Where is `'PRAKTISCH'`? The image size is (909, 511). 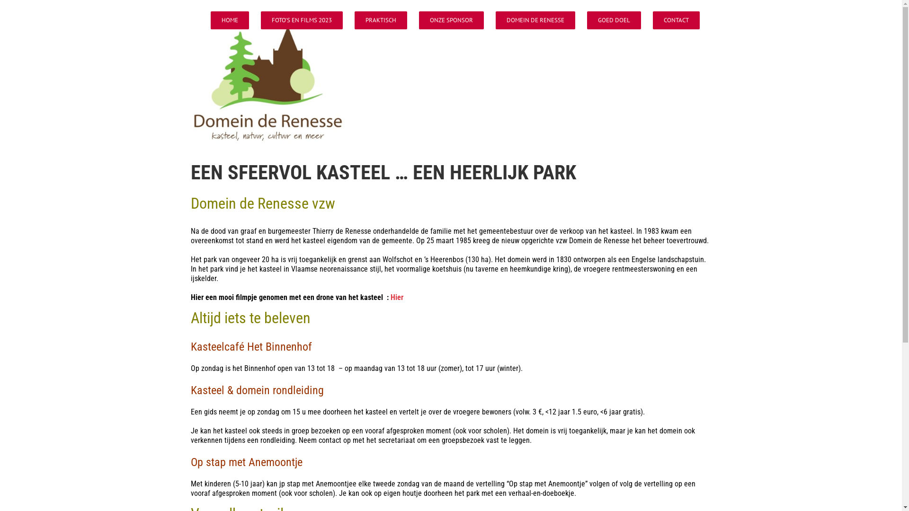
'PRAKTISCH' is located at coordinates (380, 20).